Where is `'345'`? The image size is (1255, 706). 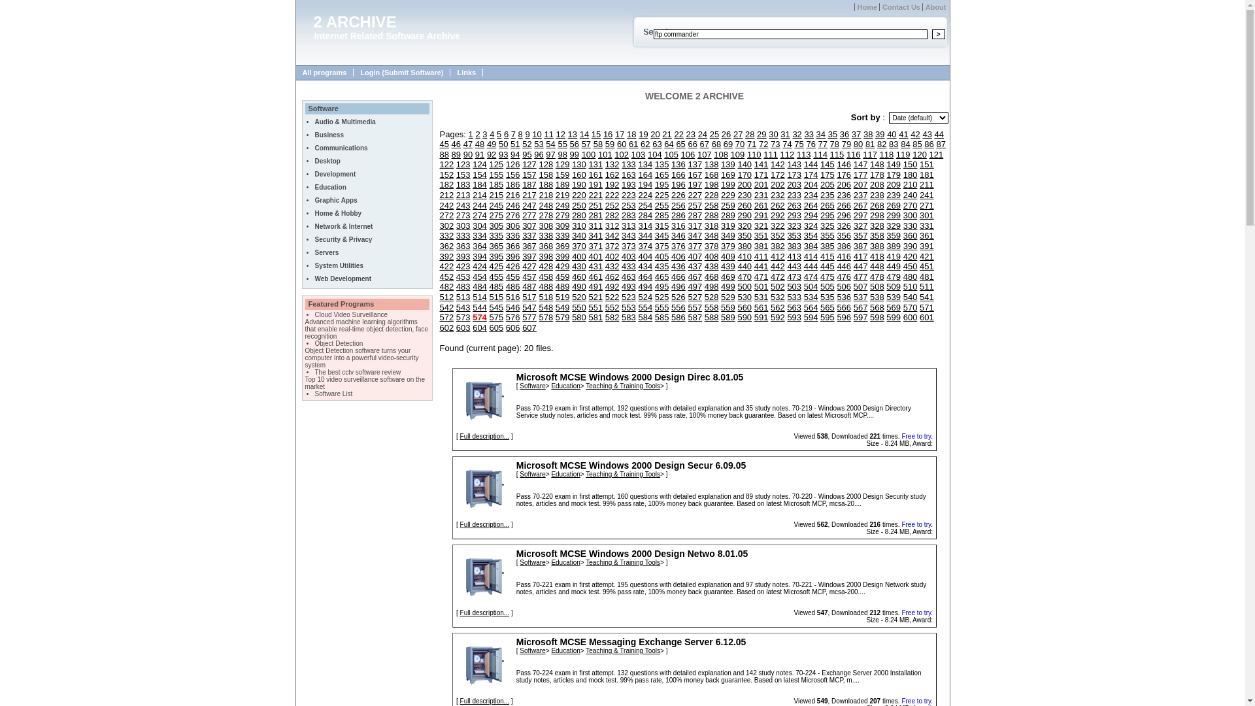 '345' is located at coordinates (655, 235).